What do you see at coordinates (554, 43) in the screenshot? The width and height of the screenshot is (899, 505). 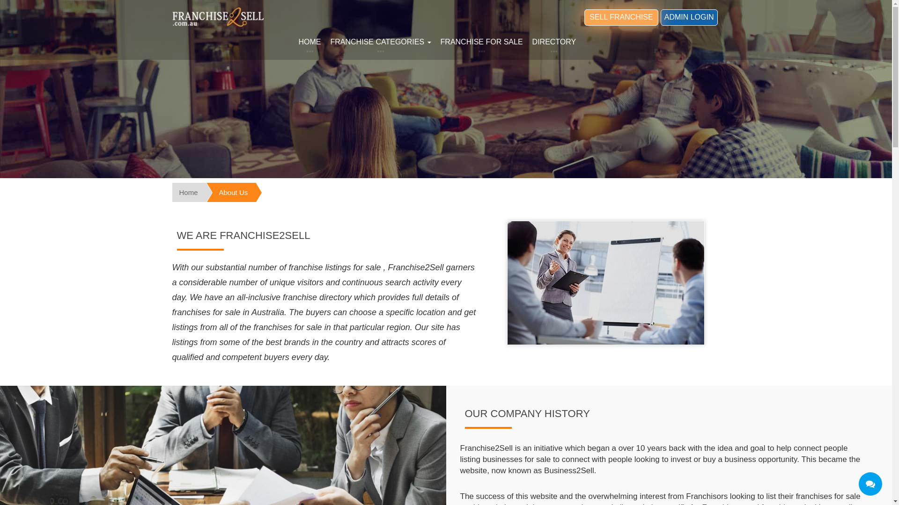 I see `'DIRECTORY'` at bounding box center [554, 43].